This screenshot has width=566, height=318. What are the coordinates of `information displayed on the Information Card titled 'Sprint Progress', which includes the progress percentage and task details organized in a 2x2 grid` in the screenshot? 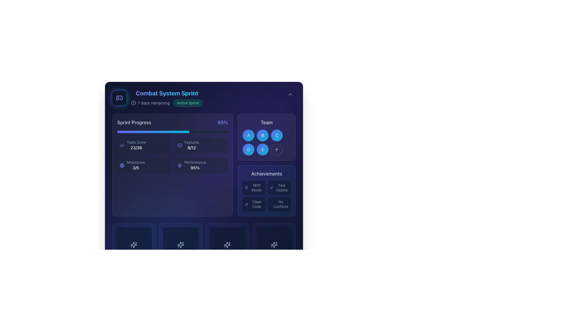 It's located at (172, 165).